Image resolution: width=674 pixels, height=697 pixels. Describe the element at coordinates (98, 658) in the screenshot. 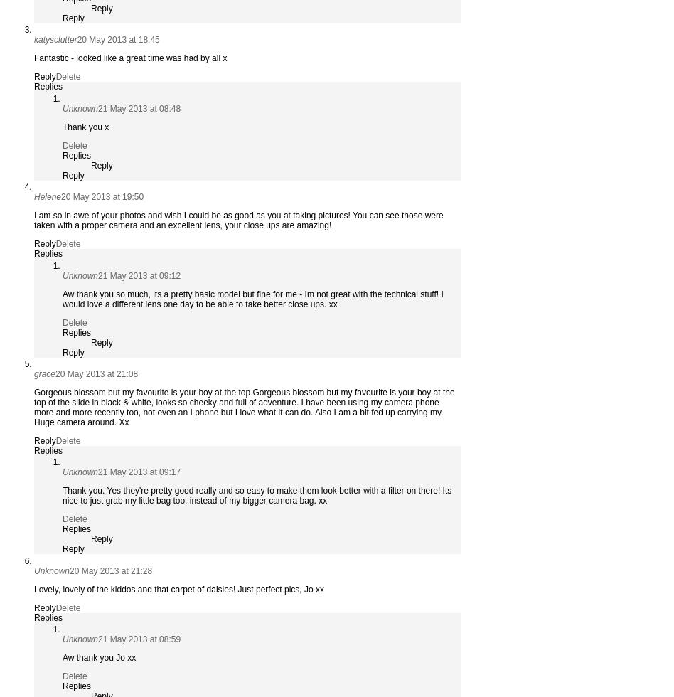

I see `'Aw thank you Jo xx'` at that location.